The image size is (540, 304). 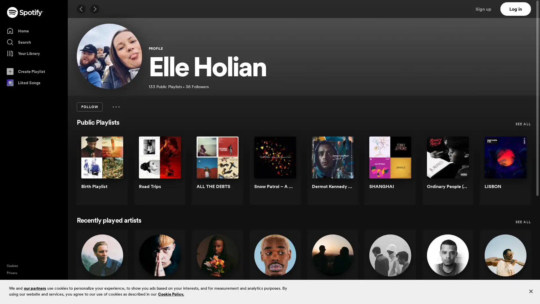 I want to click on Play Yoxng Mae-O, so click(x=171, y=269).